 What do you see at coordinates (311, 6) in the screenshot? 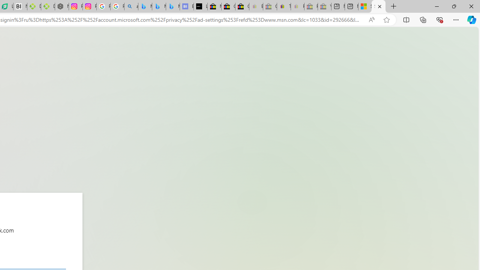
I see `'Press Room - eBay Inc. - Sleeping'` at bounding box center [311, 6].